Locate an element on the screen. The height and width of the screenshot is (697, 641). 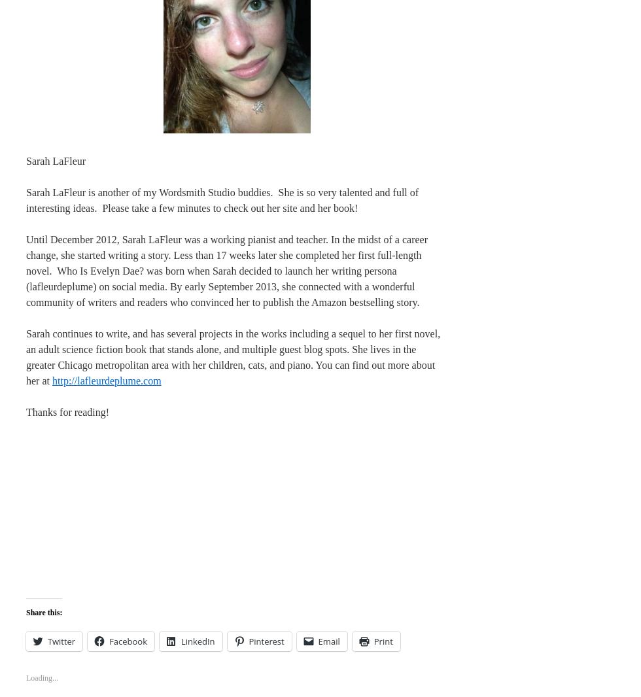
'LinkedIn' is located at coordinates (181, 640).